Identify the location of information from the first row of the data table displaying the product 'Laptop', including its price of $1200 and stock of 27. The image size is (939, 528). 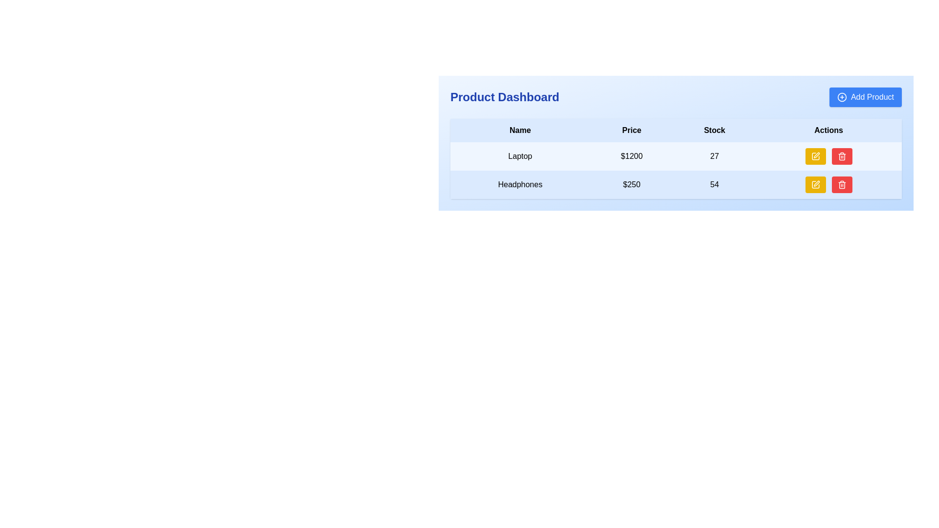
(675, 156).